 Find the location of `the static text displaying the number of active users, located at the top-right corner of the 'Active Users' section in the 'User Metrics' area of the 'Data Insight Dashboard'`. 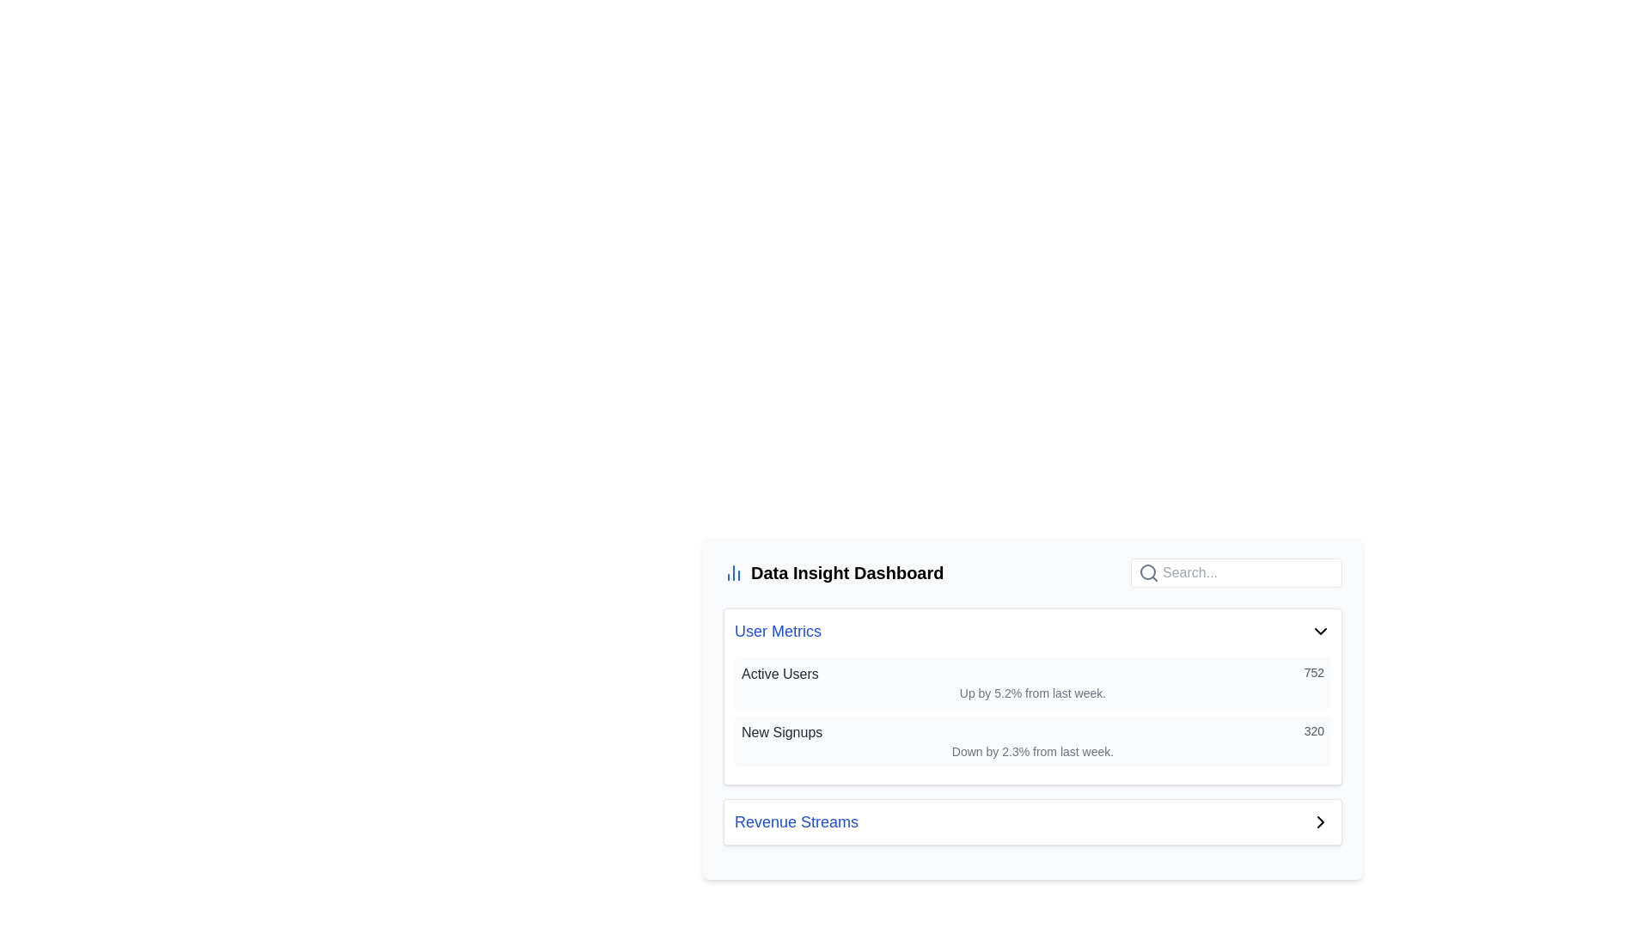

the static text displaying the number of active users, located at the top-right corner of the 'Active Users' section in the 'User Metrics' area of the 'Data Insight Dashboard' is located at coordinates (1313, 674).